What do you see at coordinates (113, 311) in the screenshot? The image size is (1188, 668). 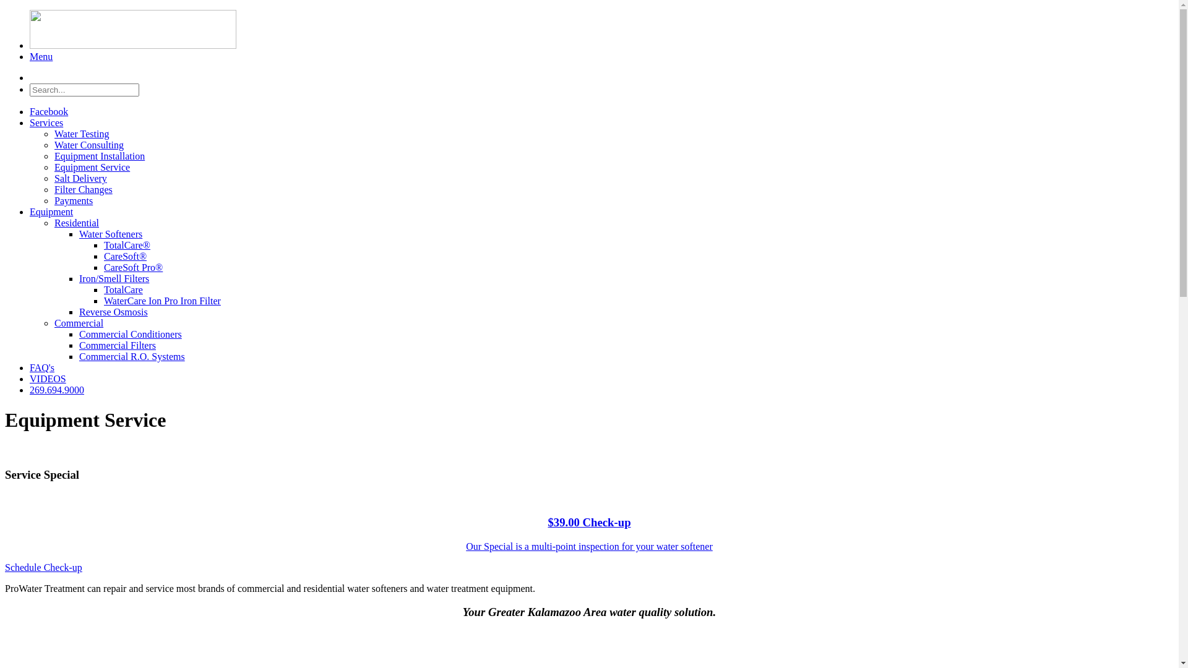 I see `'Reverse Osmosis'` at bounding box center [113, 311].